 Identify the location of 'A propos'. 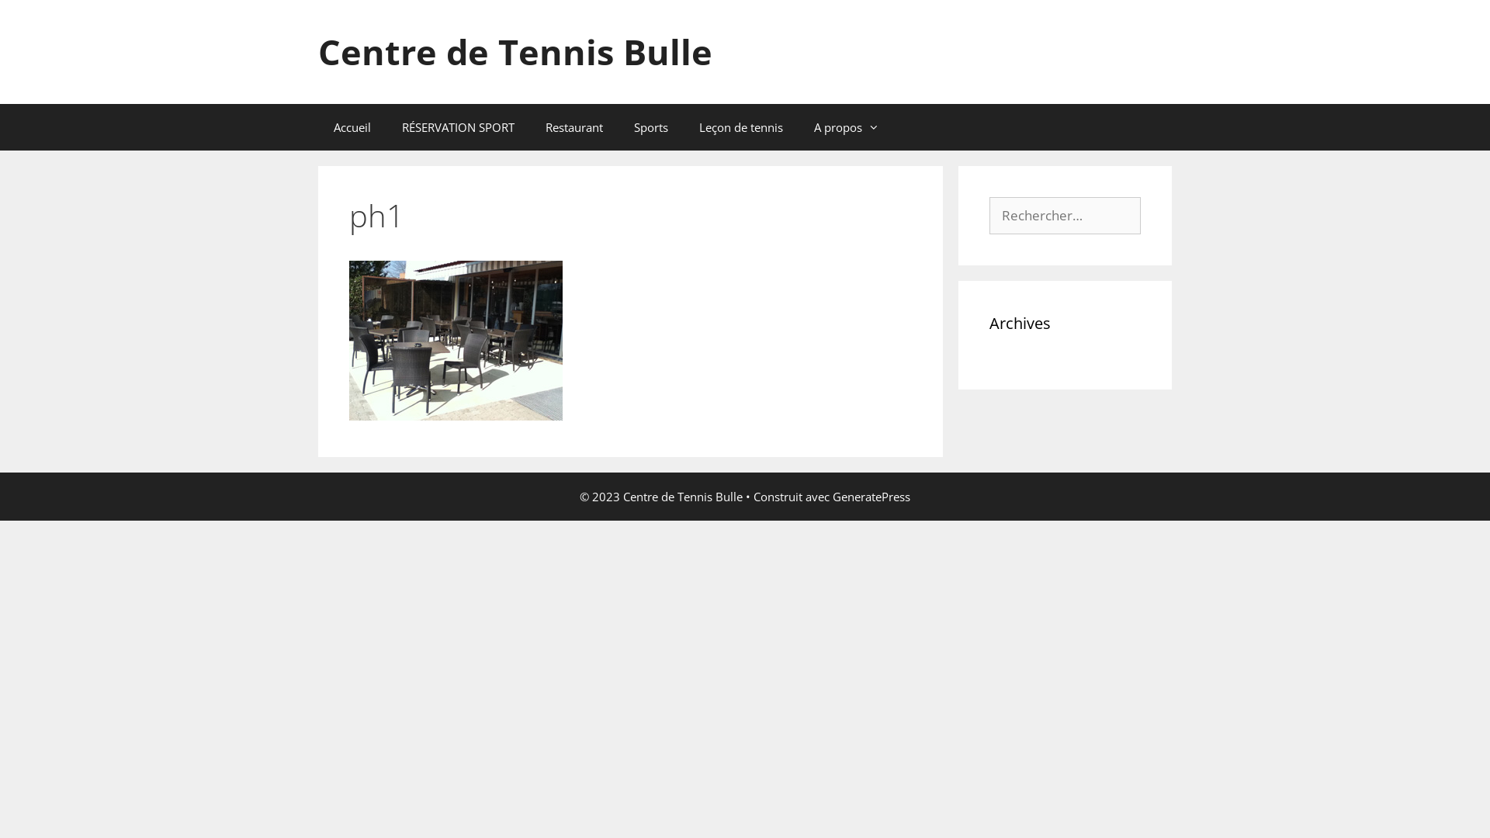
(845, 126).